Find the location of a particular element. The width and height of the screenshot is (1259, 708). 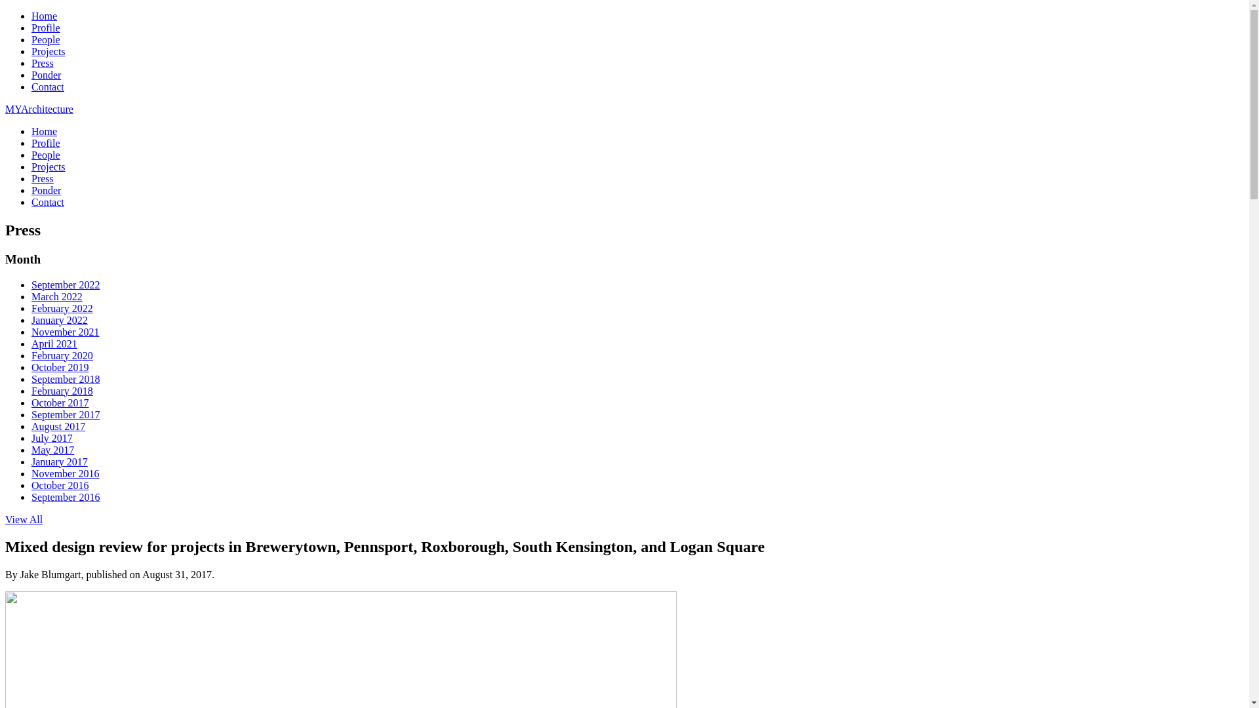

'November 2021' is located at coordinates (65, 331).